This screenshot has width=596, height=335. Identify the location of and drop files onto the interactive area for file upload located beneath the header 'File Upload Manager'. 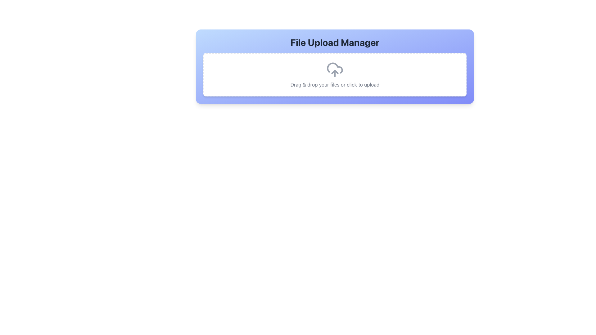
(335, 74).